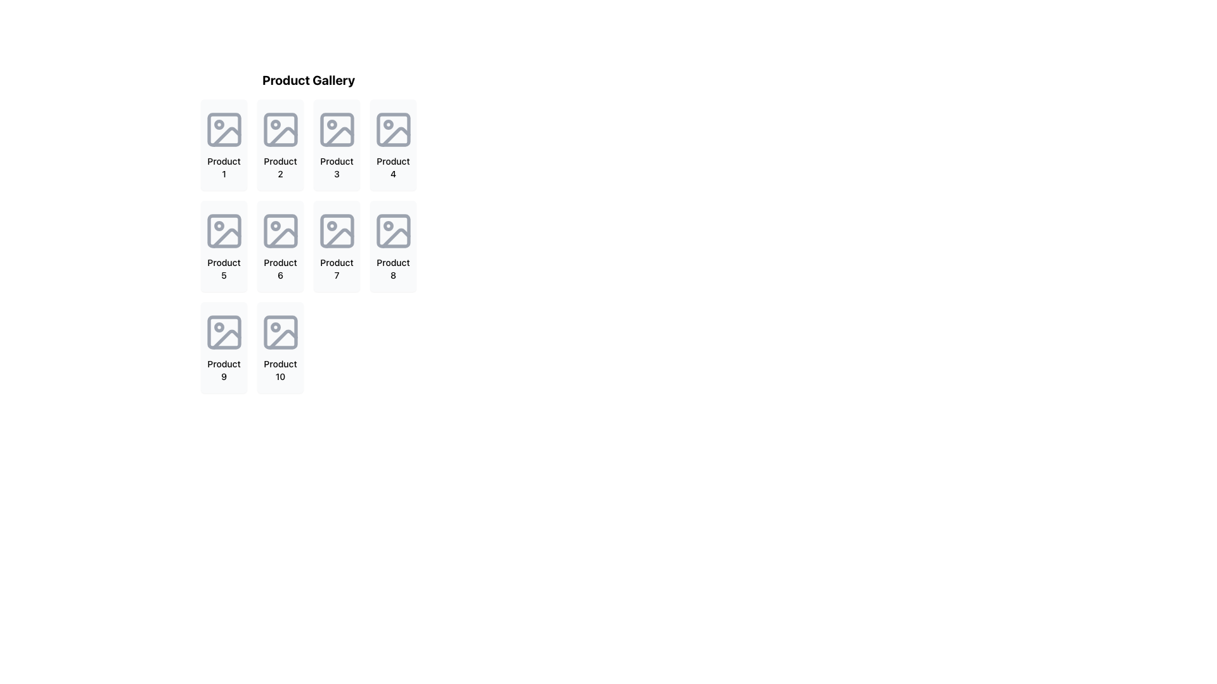  Describe the element at coordinates (224, 144) in the screenshot. I see `the first product card in the product gallery, which displays details for 'Product 1'` at that location.